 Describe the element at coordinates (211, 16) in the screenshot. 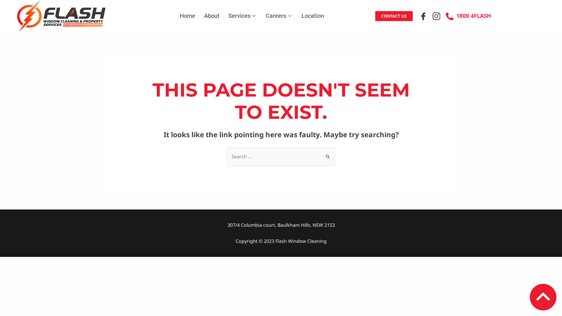

I see `'About'` at that location.